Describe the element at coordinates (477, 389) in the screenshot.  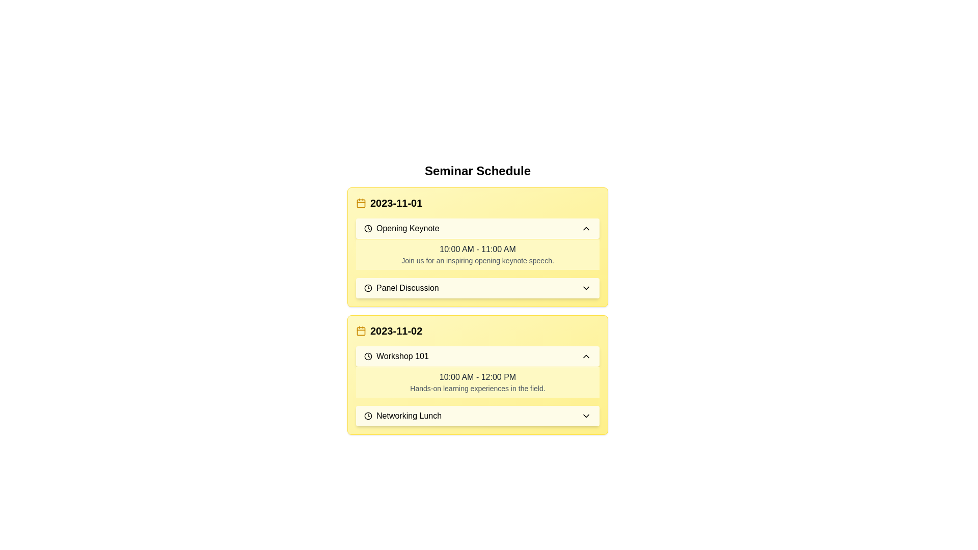
I see `the static text displaying 'Hands-on learning experiences in the field.' which is positioned under '10:00 AM - 12:00 PM' within a yellow background section` at that location.